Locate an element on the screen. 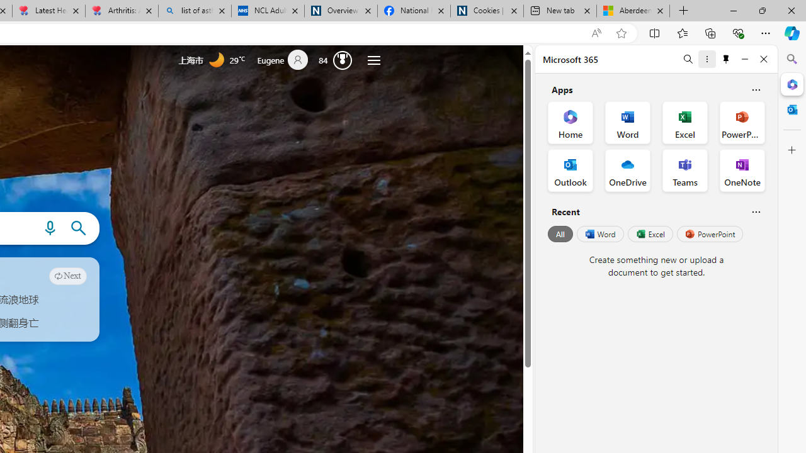  'OneDrive Office App' is located at coordinates (628, 171).